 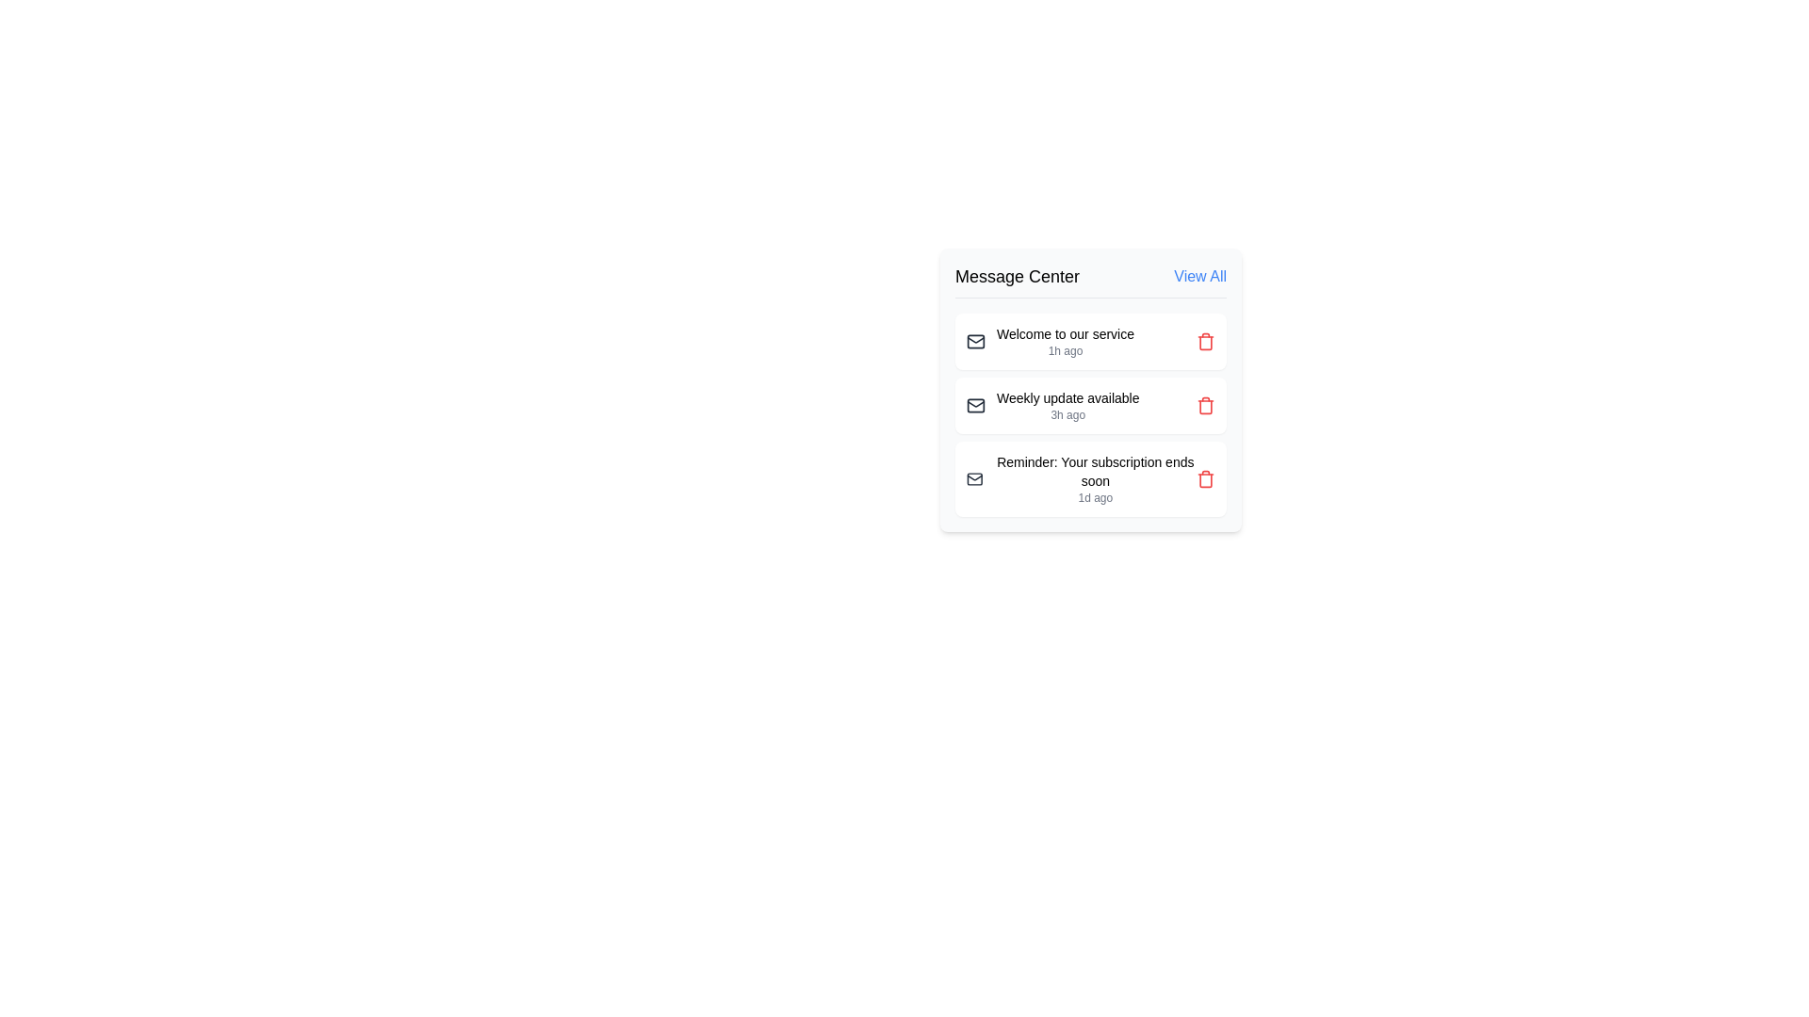 I want to click on the text label displaying 'Welcome to our service' in the Message Center notifications, so click(x=1066, y=332).